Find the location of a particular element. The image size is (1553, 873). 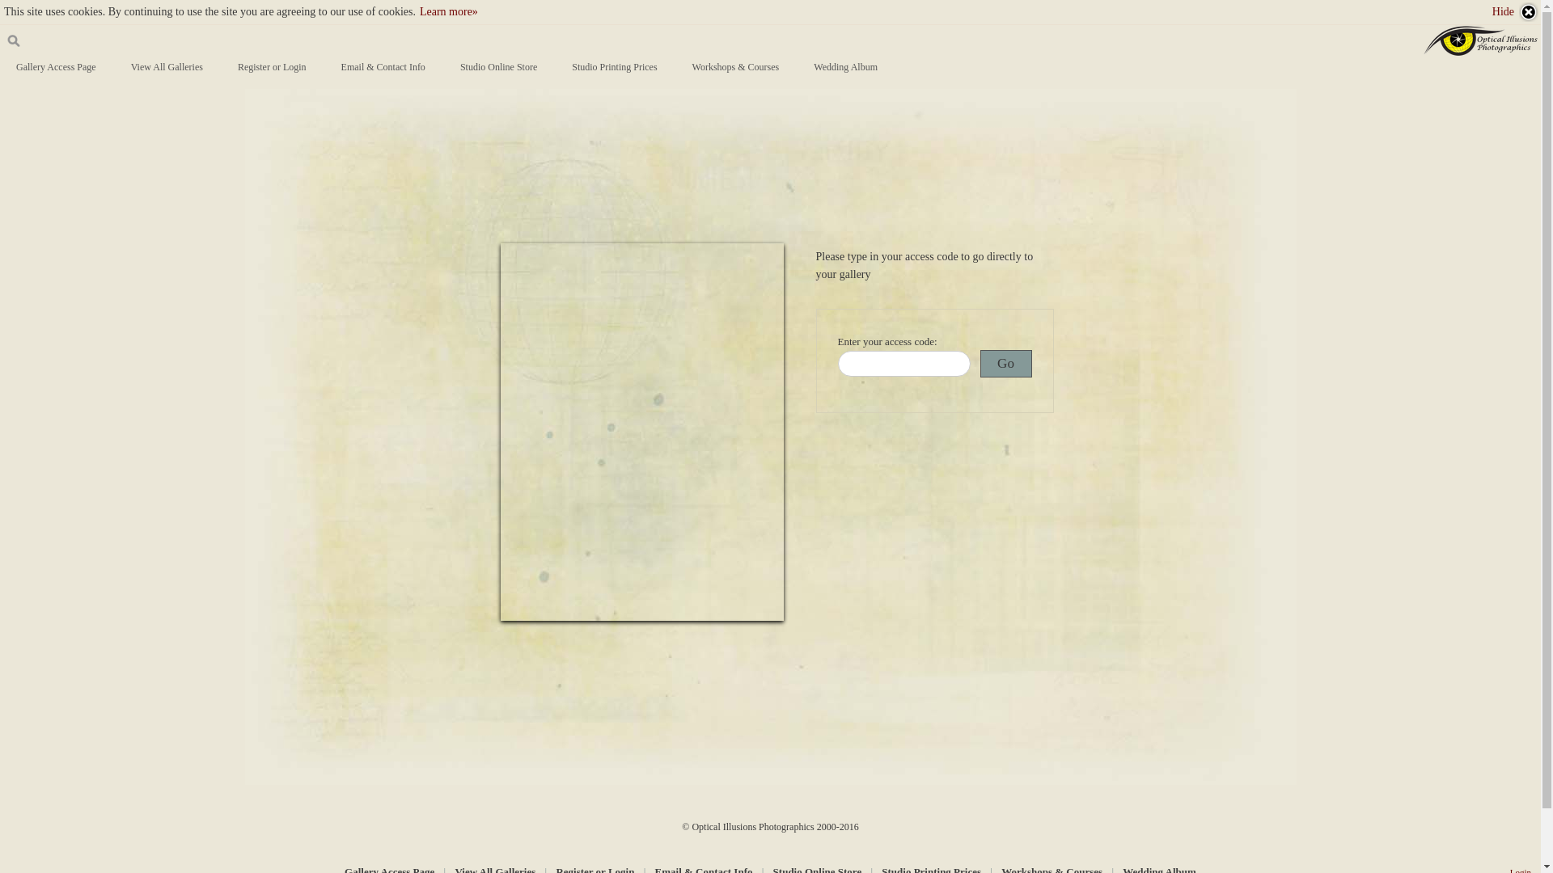

'Hide' is located at coordinates (1514, 12).